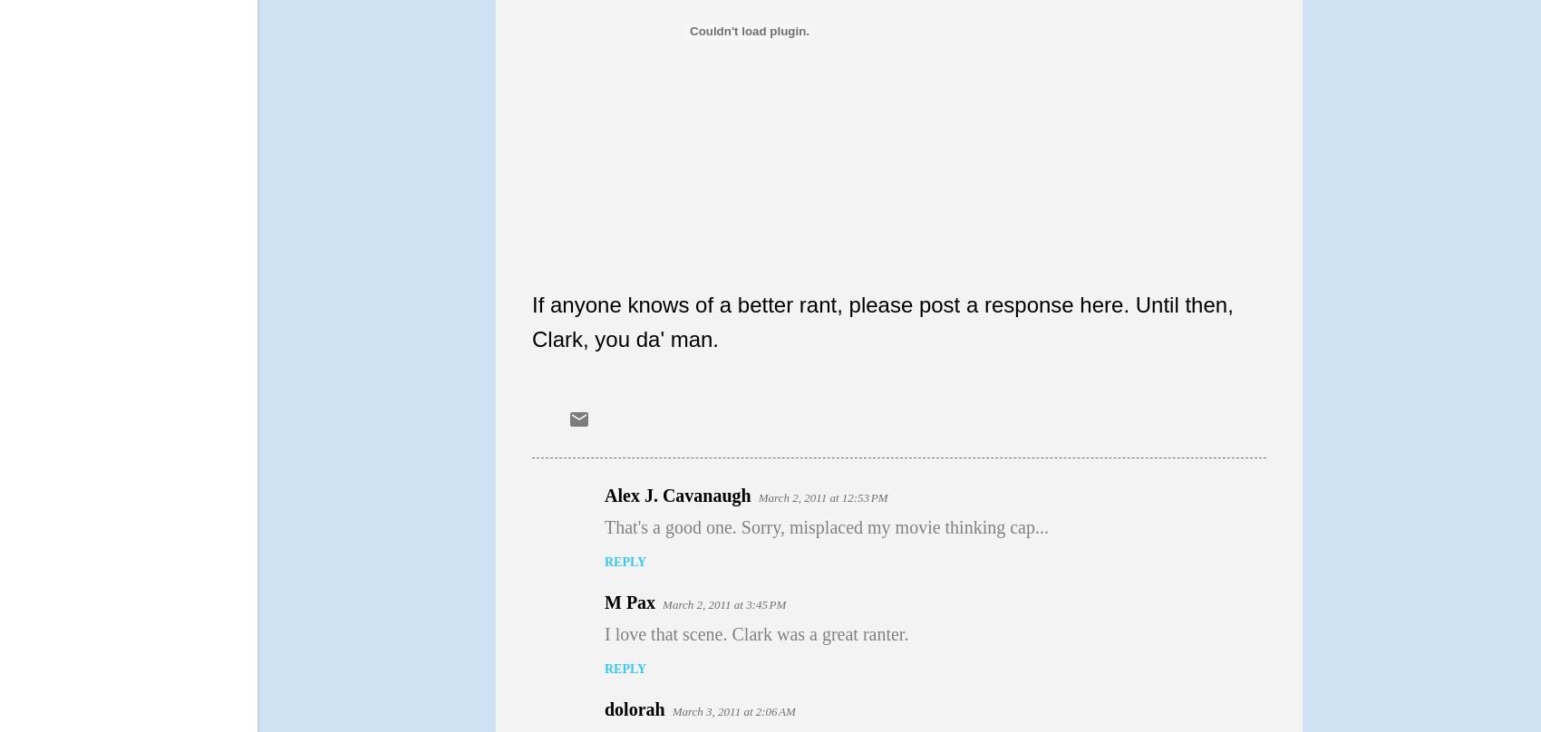 The height and width of the screenshot is (732, 1541). What do you see at coordinates (755, 633) in the screenshot?
I see `'I love that scene. Clark was a great ranter.'` at bounding box center [755, 633].